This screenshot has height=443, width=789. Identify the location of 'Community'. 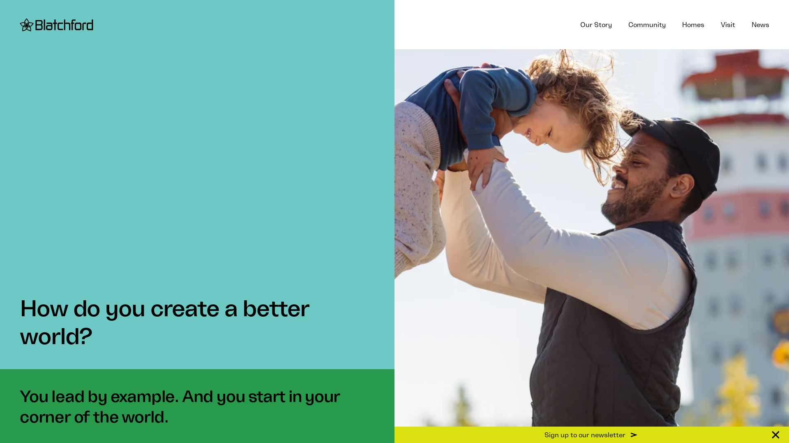
(646, 24).